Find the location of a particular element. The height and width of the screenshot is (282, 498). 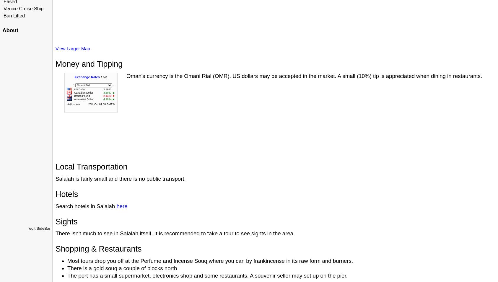

'Oman's currency is the Omani Rial (OMR).  US dollars may be accepted in the market.  A small (10%) tip is appreciated when dining in restaurants.' is located at coordinates (304, 76).